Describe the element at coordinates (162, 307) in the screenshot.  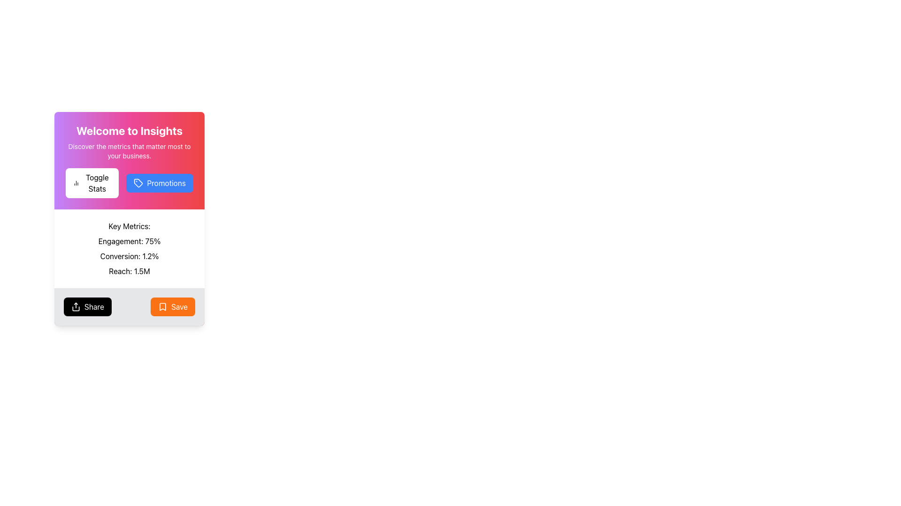
I see `the bookmark icon resembling a flag with an orange fill, located within the 'Save' button at the bottom-right corner of the card interface` at that location.